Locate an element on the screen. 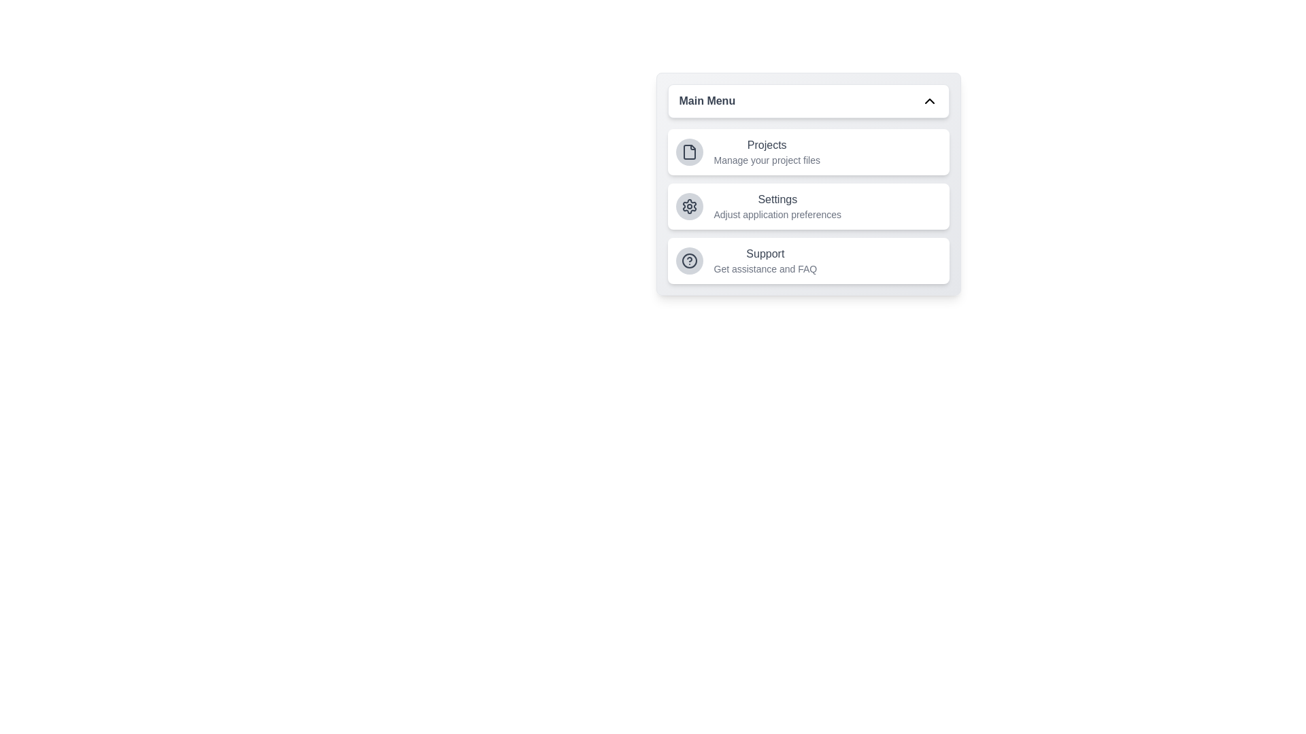 This screenshot has width=1306, height=734. the main menu toggle button is located at coordinates (808, 101).